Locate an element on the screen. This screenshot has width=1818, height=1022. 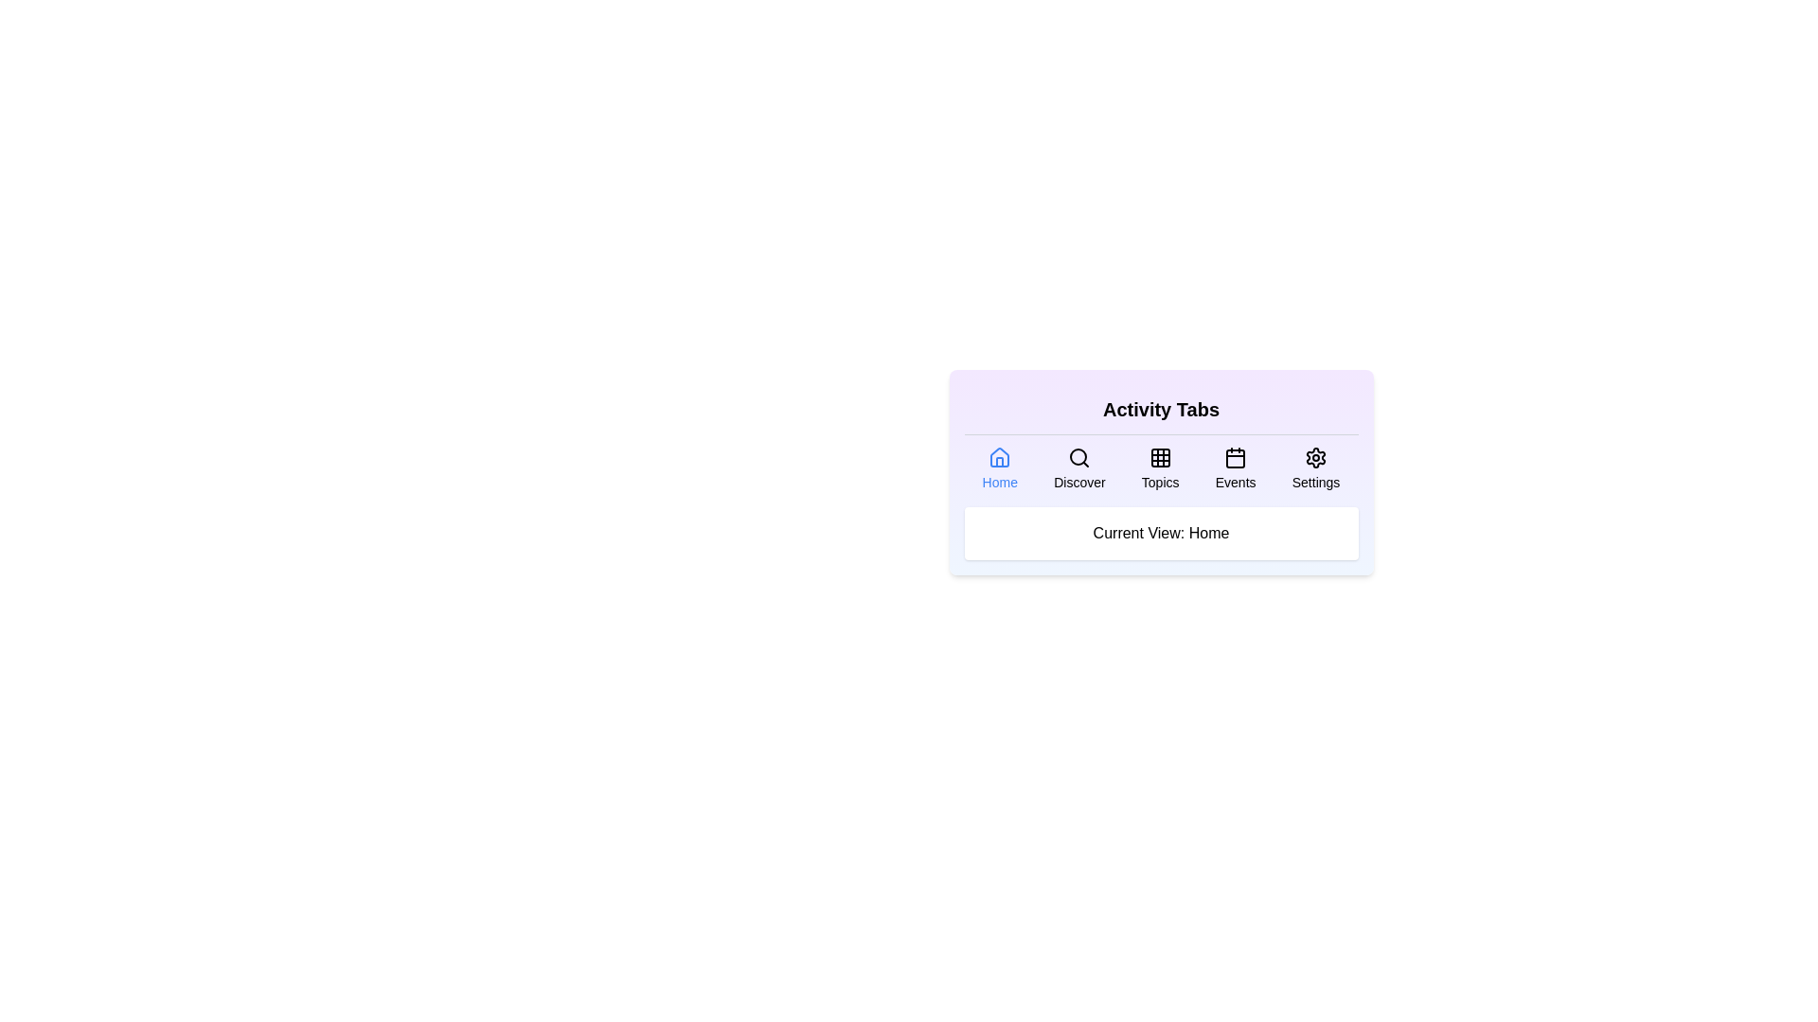
the Events tab is located at coordinates (1236, 468).